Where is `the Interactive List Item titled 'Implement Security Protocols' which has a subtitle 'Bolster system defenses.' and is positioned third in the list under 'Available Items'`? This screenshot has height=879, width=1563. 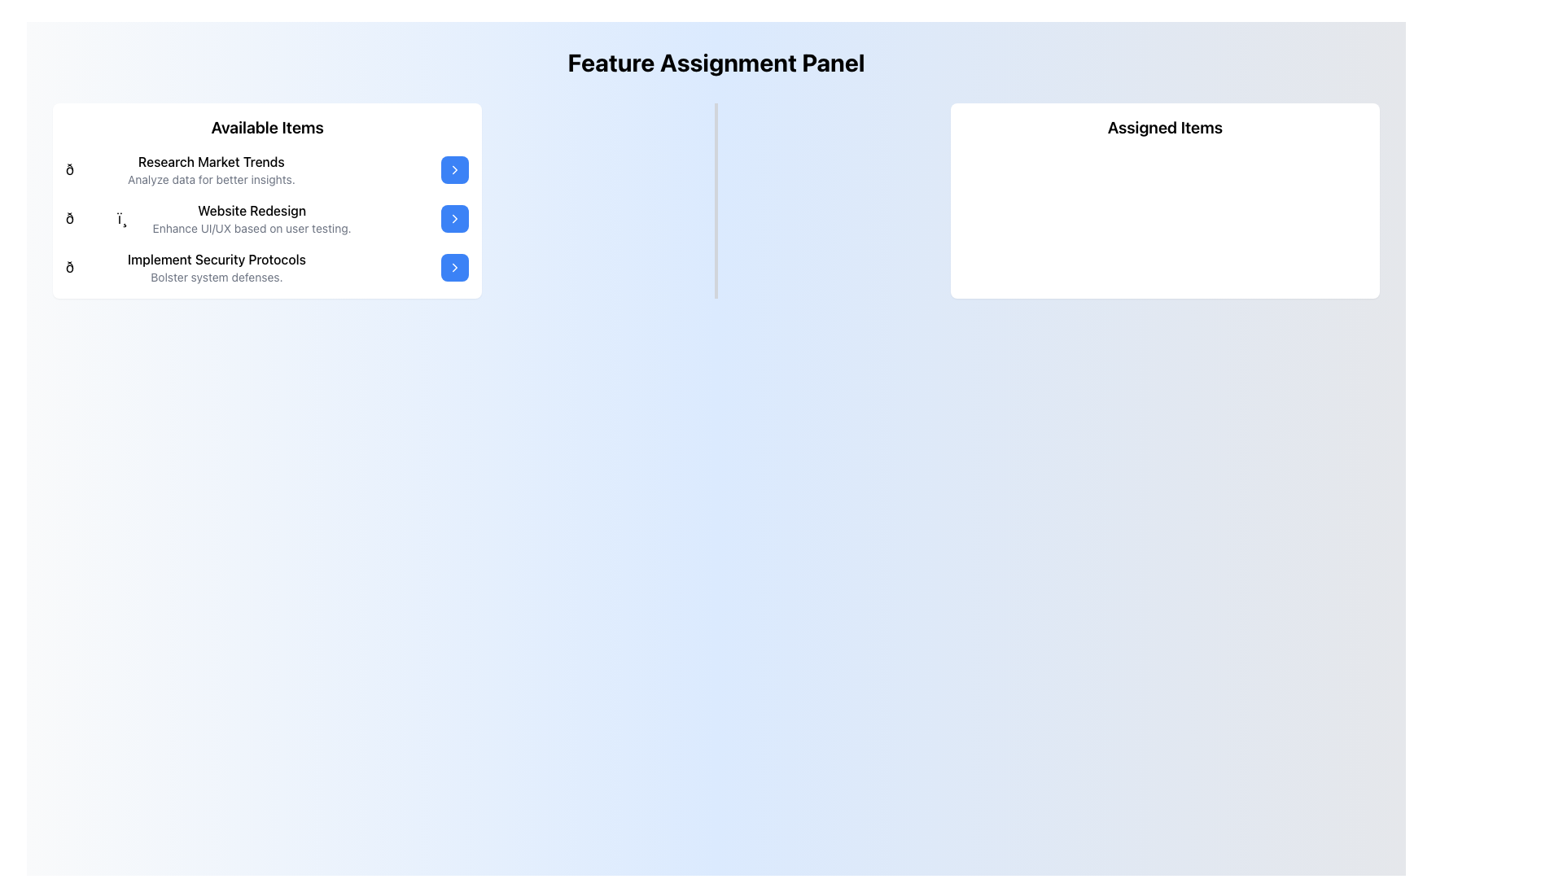
the Interactive List Item titled 'Implement Security Protocols' which has a subtitle 'Bolster system defenses.' and is positioned third in the list under 'Available Items' is located at coordinates (267, 266).